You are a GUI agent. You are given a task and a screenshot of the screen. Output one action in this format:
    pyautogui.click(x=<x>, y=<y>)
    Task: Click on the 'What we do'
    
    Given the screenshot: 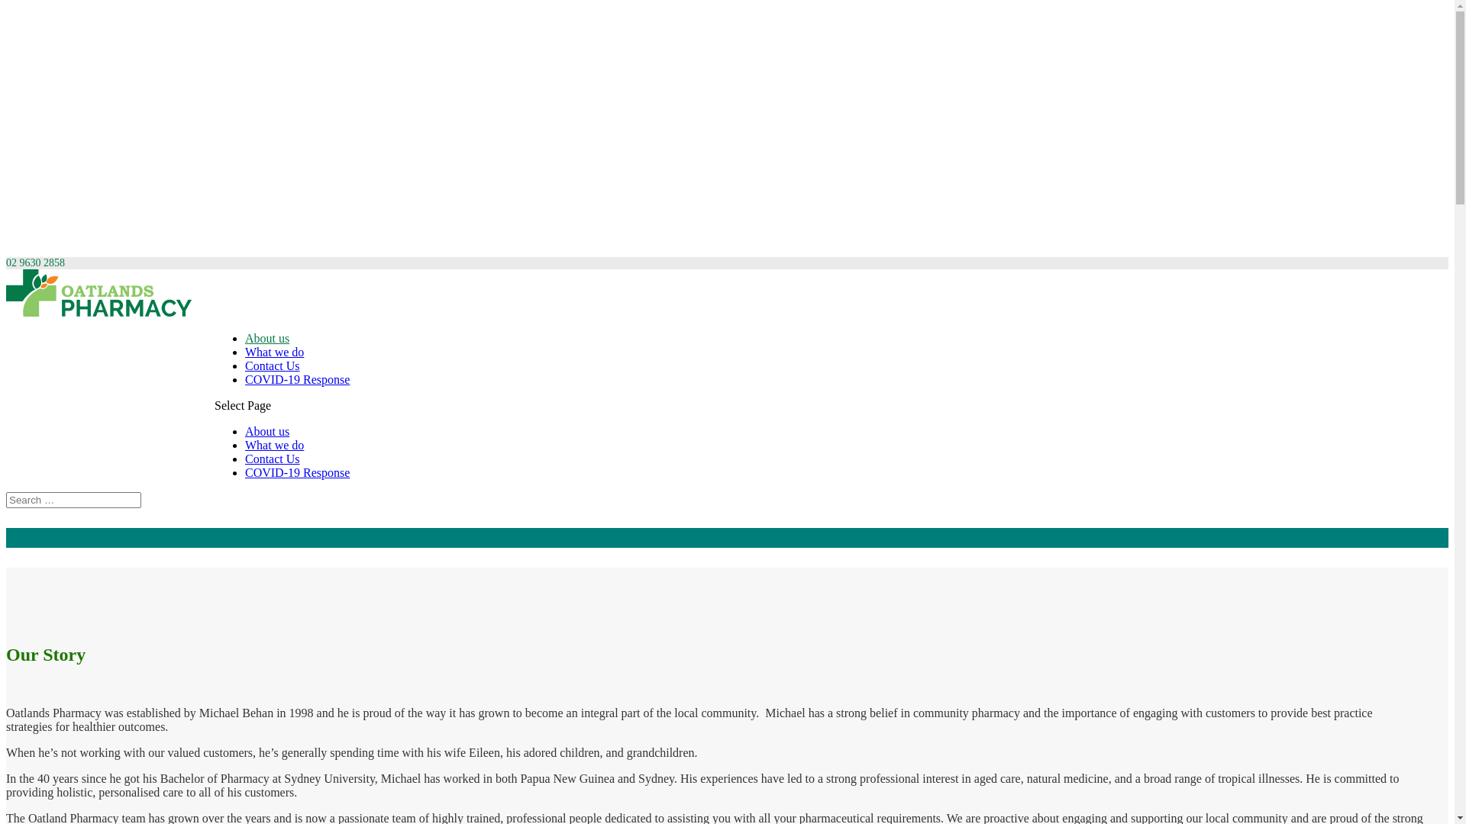 What is the action you would take?
    pyautogui.click(x=274, y=445)
    